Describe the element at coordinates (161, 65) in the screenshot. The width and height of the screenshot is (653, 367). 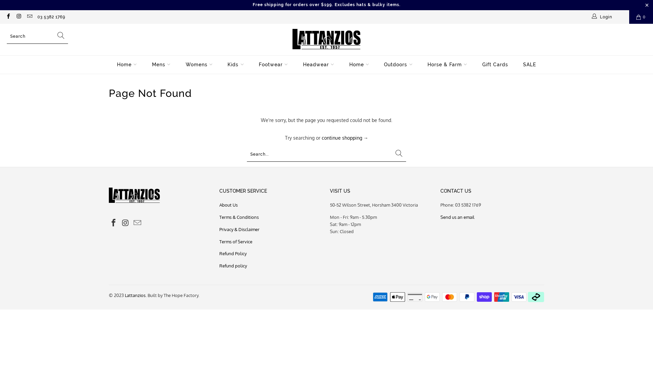
I see `'Mens'` at that location.